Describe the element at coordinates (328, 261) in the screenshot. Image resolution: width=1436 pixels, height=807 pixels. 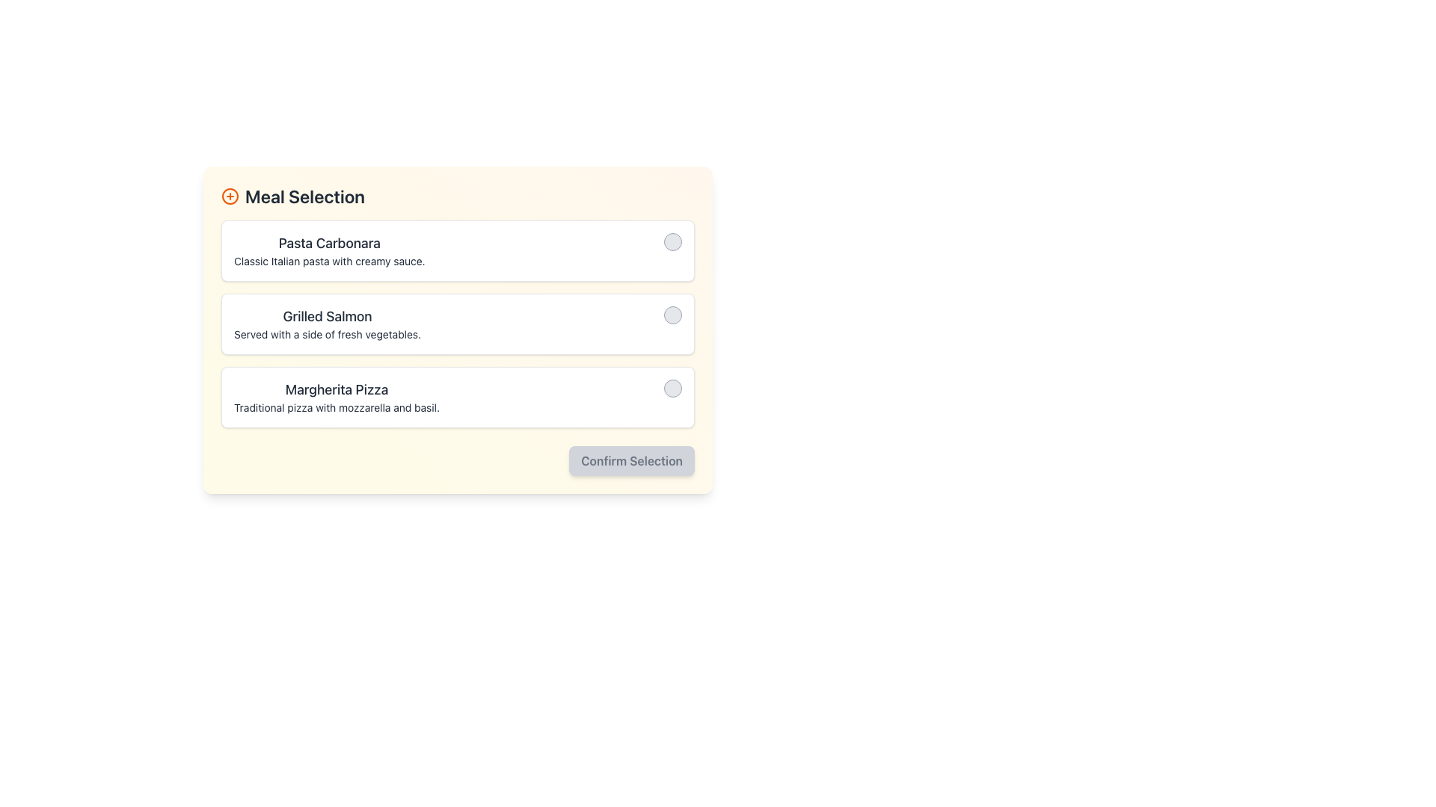
I see `the text label that reads 'Classic Italian pasta with creamy sauce.' which is positioned directly below 'Pasta Carbonara'` at that location.